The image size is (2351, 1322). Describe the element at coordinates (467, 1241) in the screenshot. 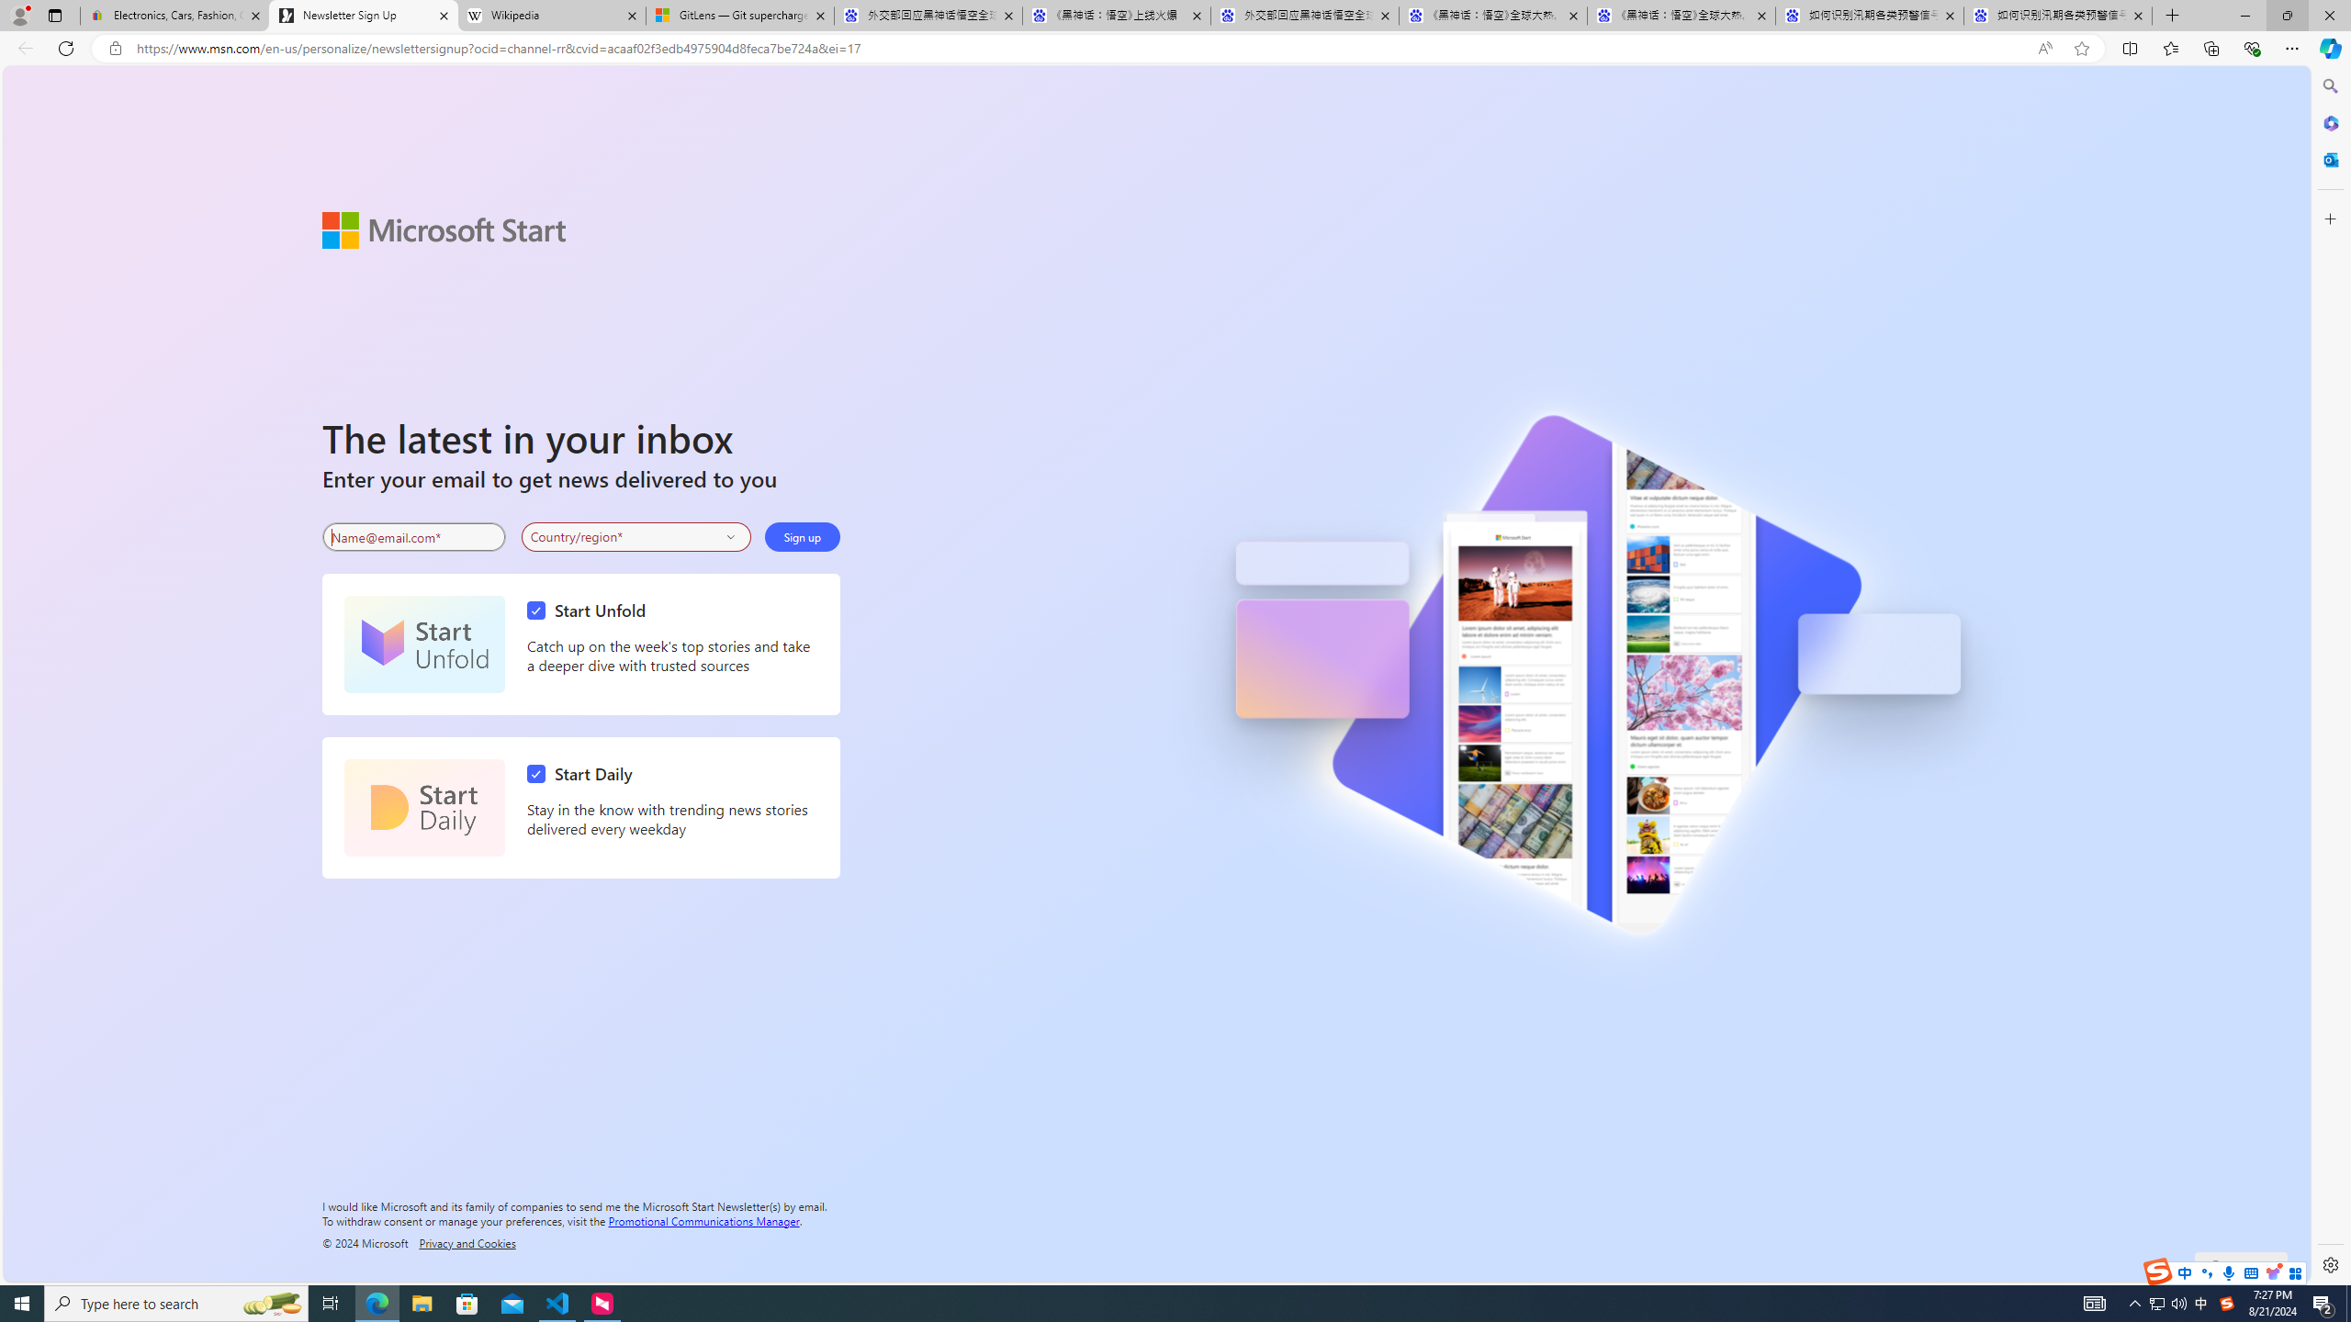

I see `'Privacy and Cookies'` at that location.